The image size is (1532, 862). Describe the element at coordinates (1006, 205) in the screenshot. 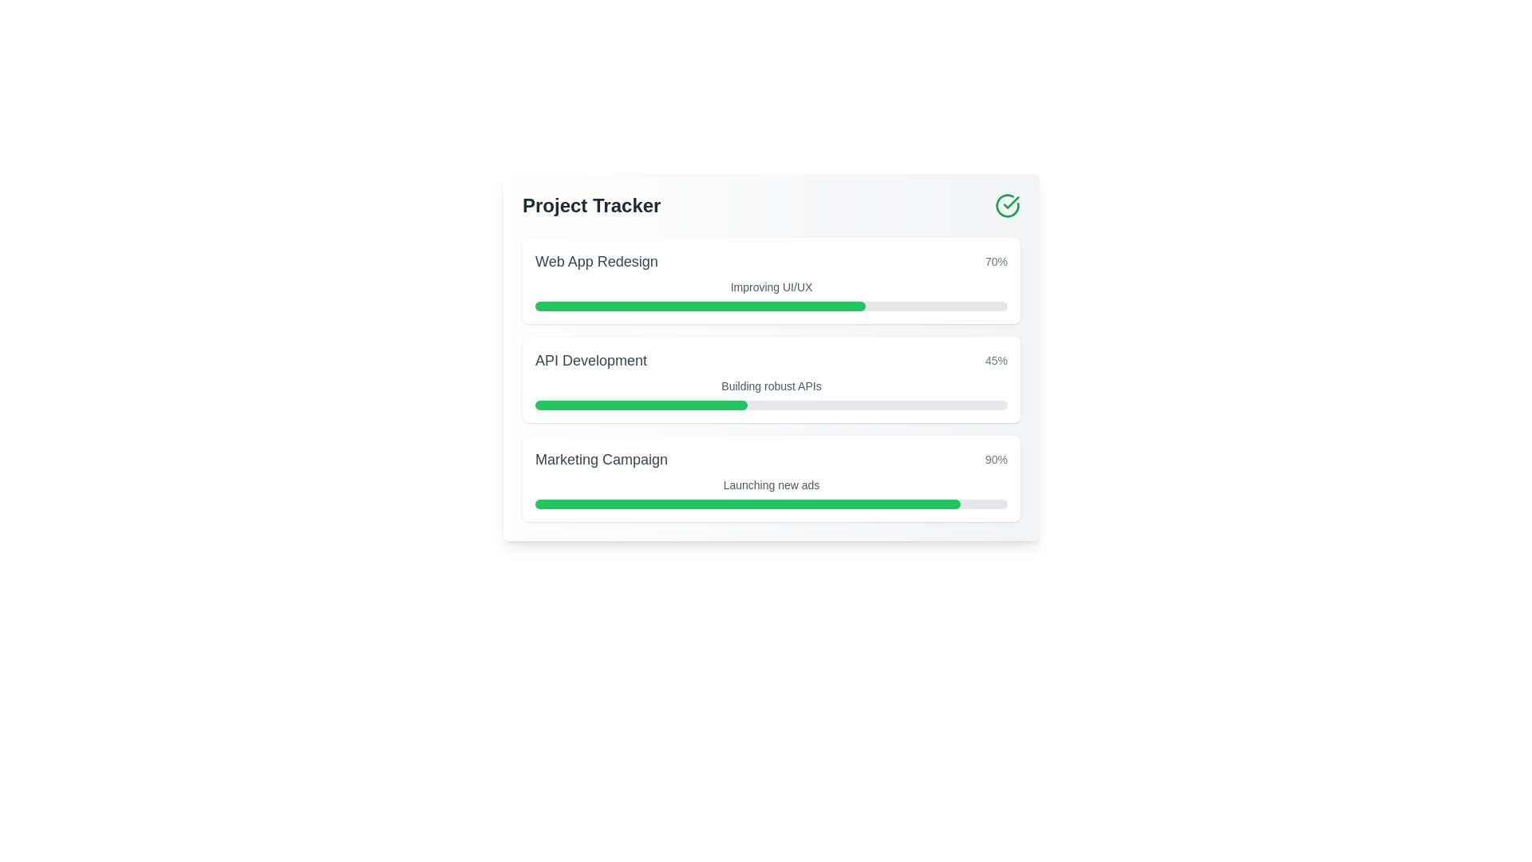

I see `the arc component of the circular checkmark icon located at the top-right corner of the Project Tracker panel, which indicates completion or success` at that location.